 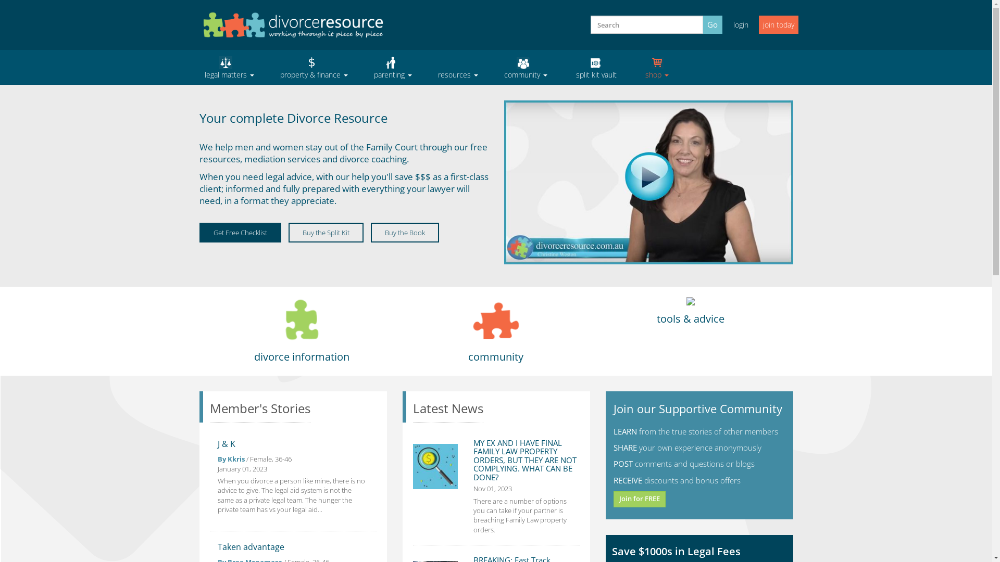 What do you see at coordinates (292, 24) in the screenshot?
I see `'Home'` at bounding box center [292, 24].